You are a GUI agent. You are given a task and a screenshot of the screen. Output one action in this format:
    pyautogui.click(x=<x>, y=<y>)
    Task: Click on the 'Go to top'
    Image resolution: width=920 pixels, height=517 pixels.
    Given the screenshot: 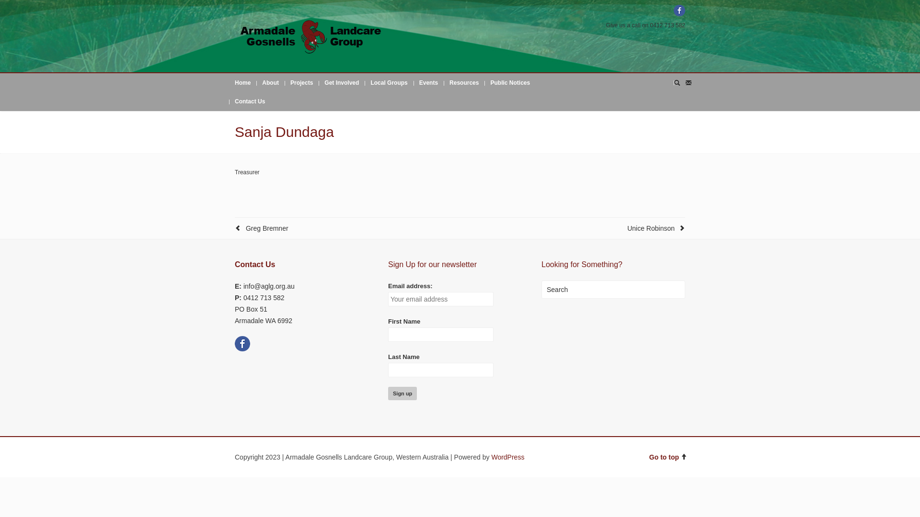 What is the action you would take?
    pyautogui.click(x=668, y=457)
    